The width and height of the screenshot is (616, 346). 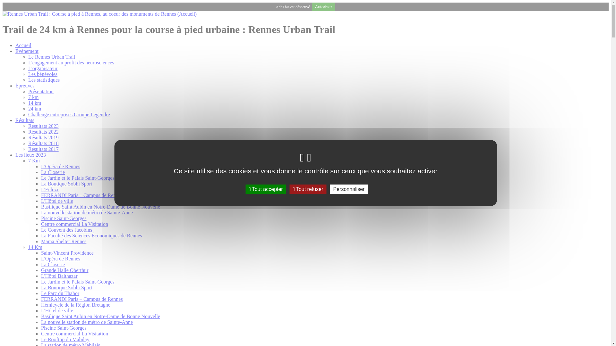 What do you see at coordinates (52, 56) in the screenshot?
I see `'Le Rennes Urban Trail'` at bounding box center [52, 56].